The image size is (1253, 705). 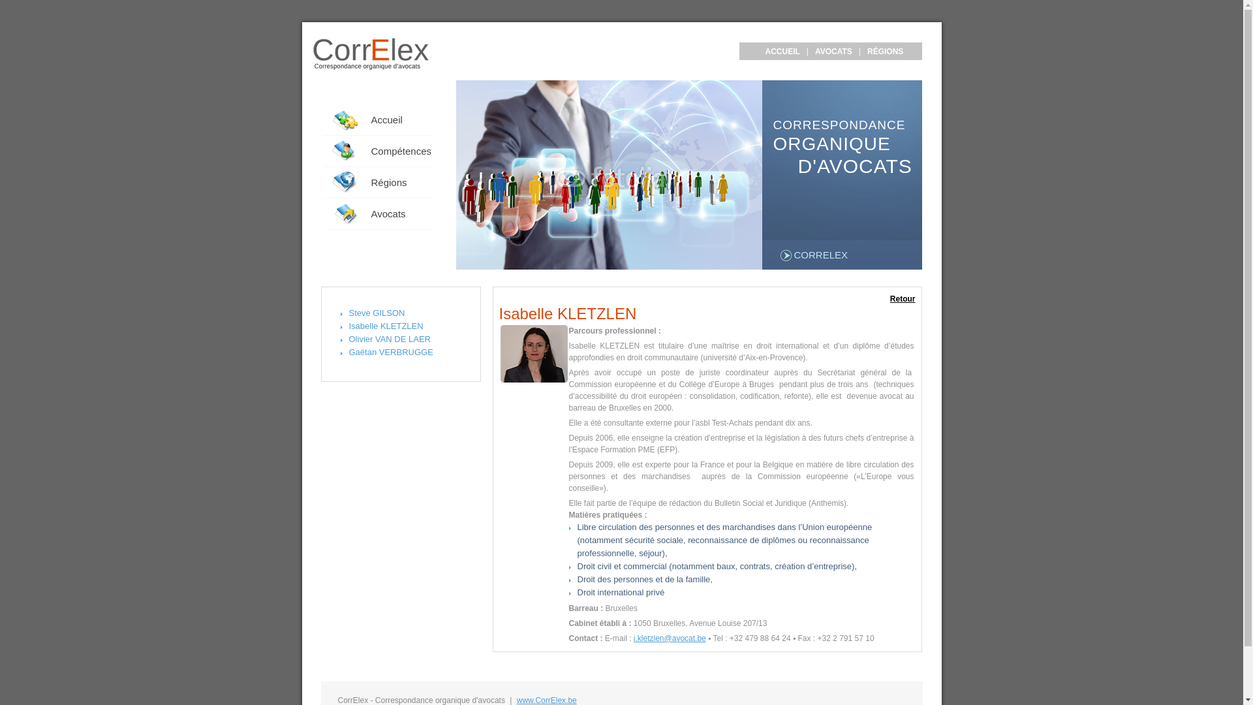 I want to click on 'Olivier VAN DE LAER', so click(x=348, y=338).